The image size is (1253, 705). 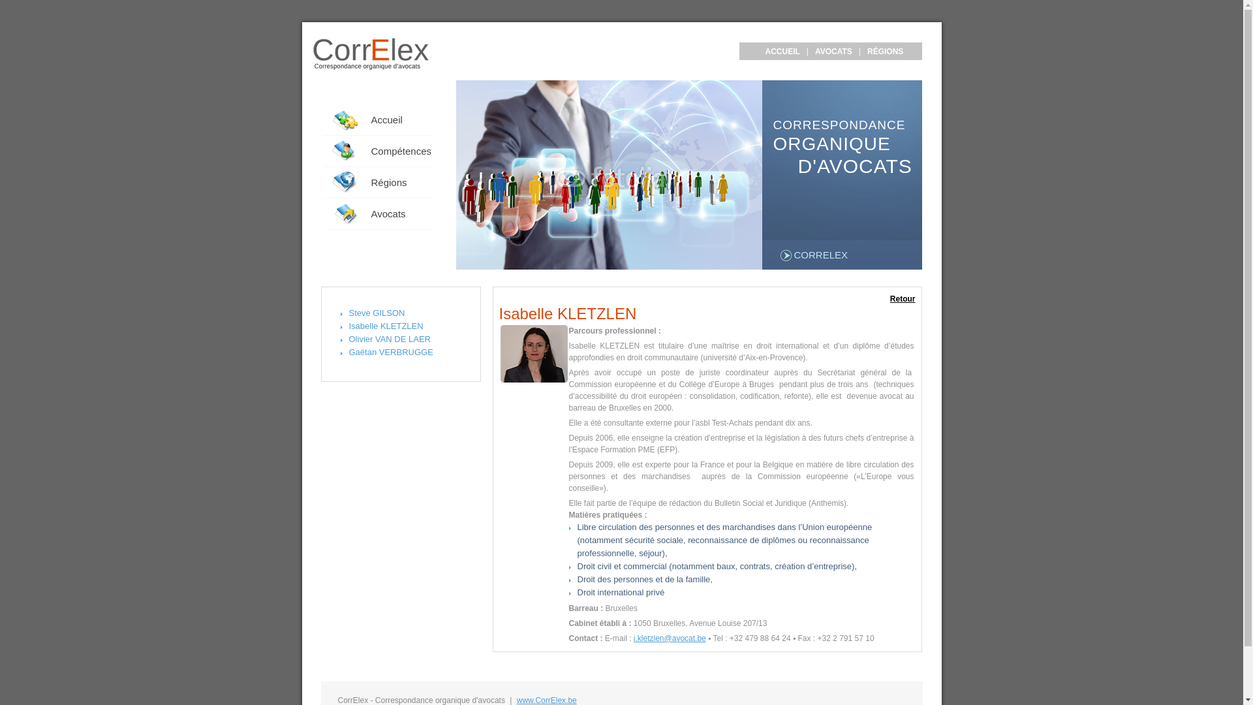 I want to click on 'Olivier VAN DE LAER', so click(x=348, y=338).